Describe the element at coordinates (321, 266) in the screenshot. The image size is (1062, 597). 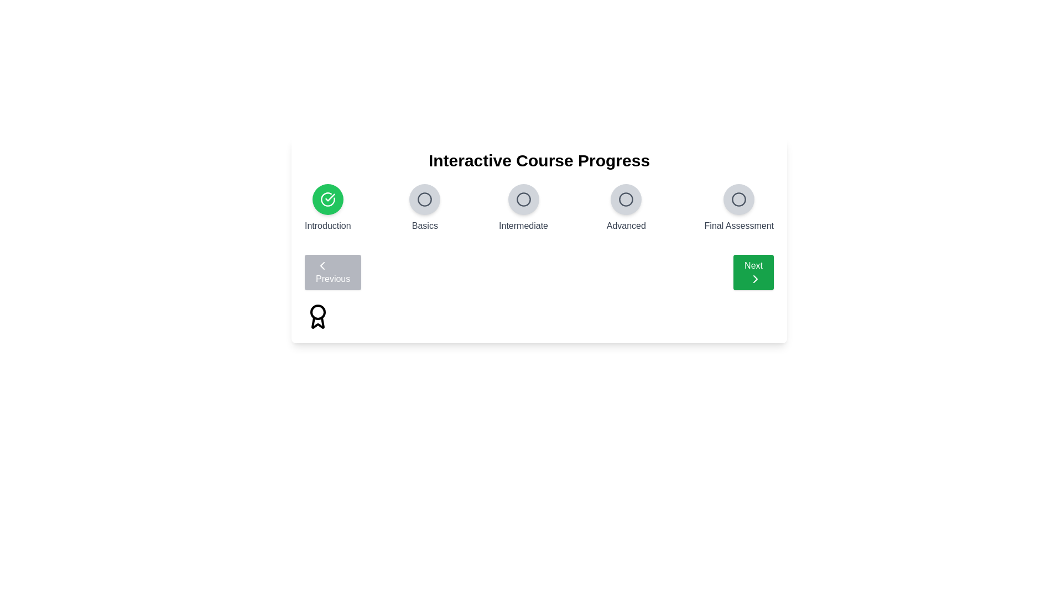
I see `the 'Previous' button that contains the chevron left arrow icon` at that location.